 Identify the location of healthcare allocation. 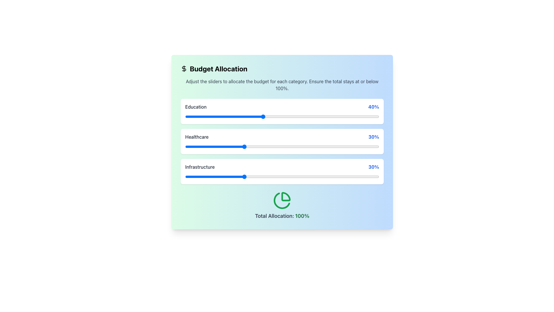
(359, 146).